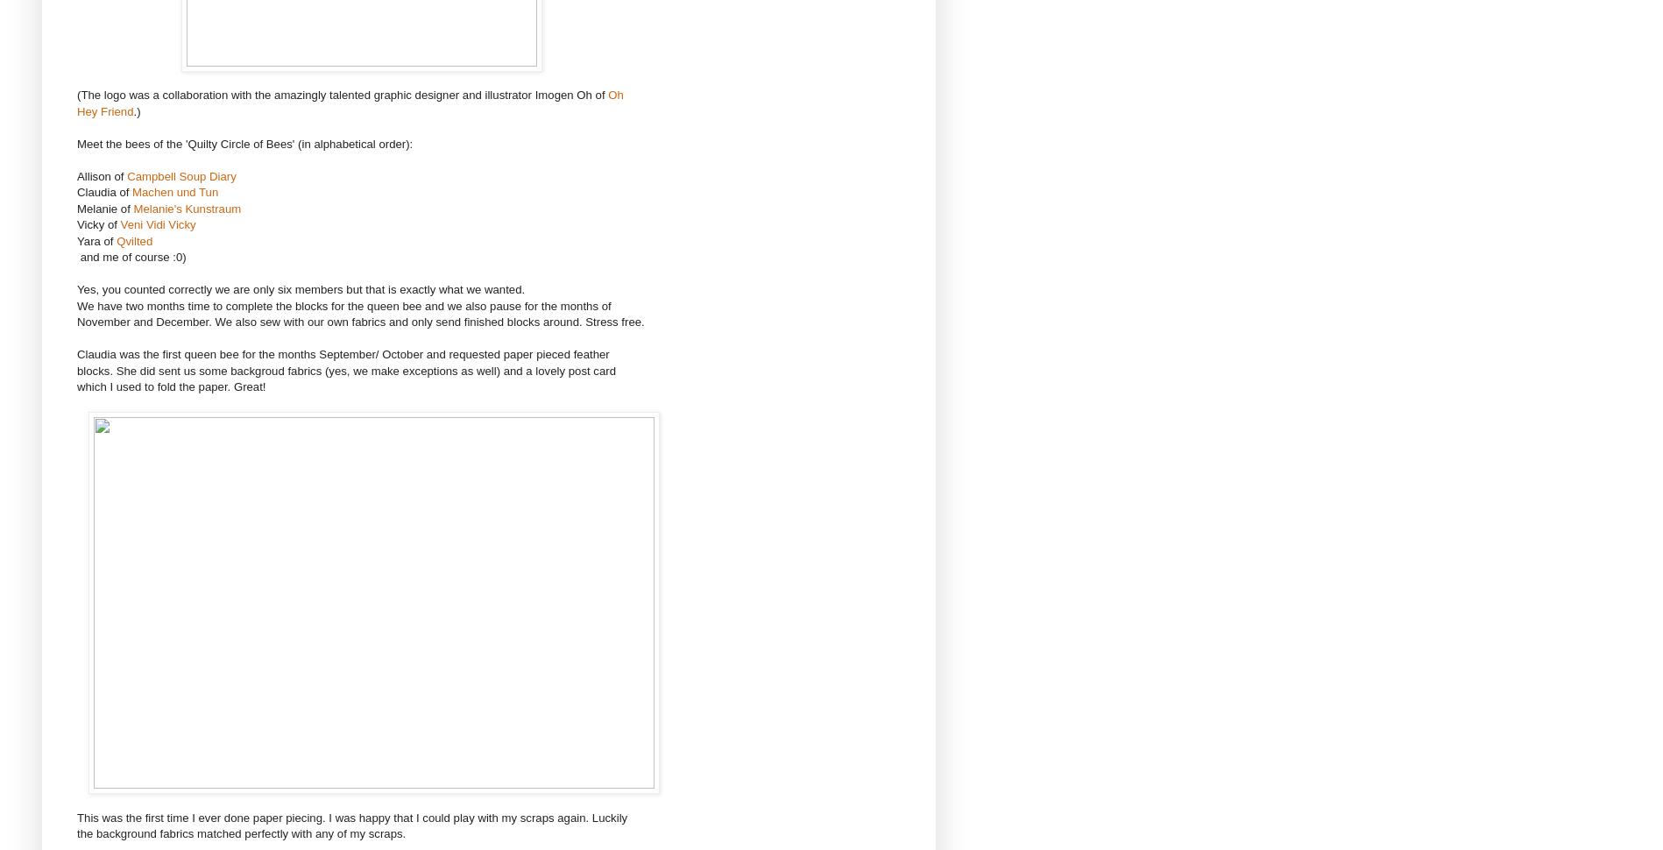 The image size is (1663, 850). Describe the element at coordinates (96, 239) in the screenshot. I see `'Yara of'` at that location.